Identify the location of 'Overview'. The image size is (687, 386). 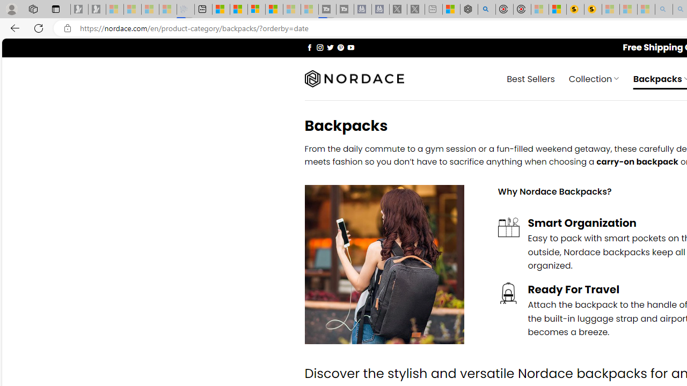
(256, 9).